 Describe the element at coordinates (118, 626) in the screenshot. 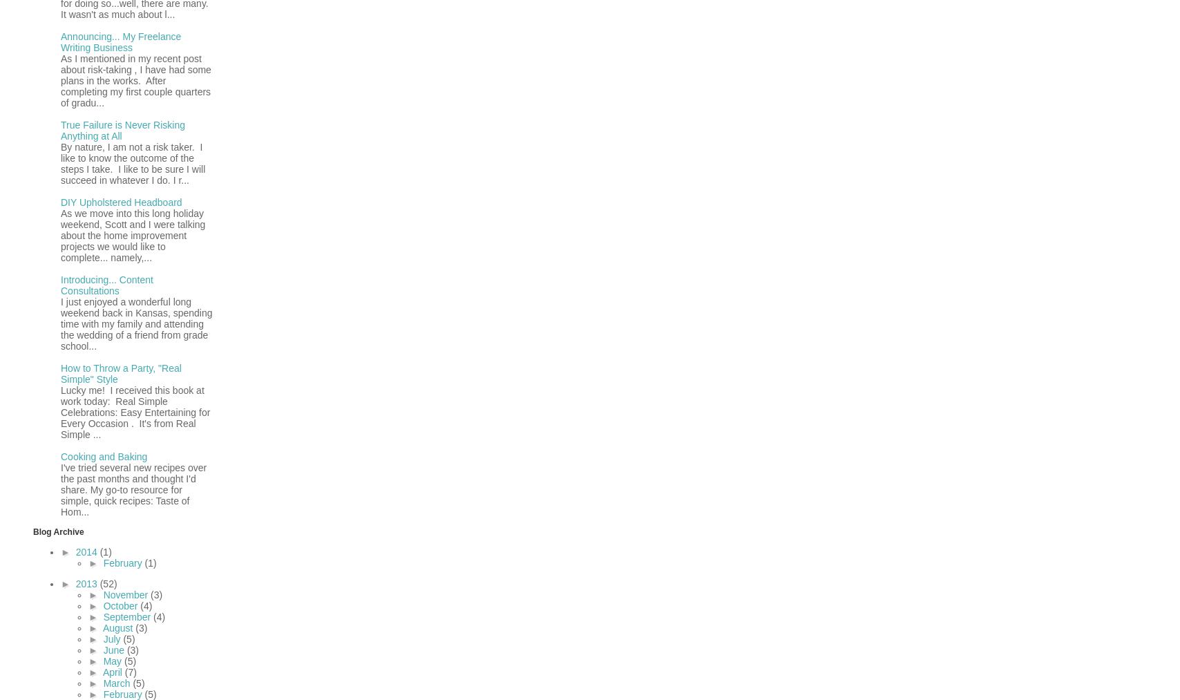

I see `'August'` at that location.